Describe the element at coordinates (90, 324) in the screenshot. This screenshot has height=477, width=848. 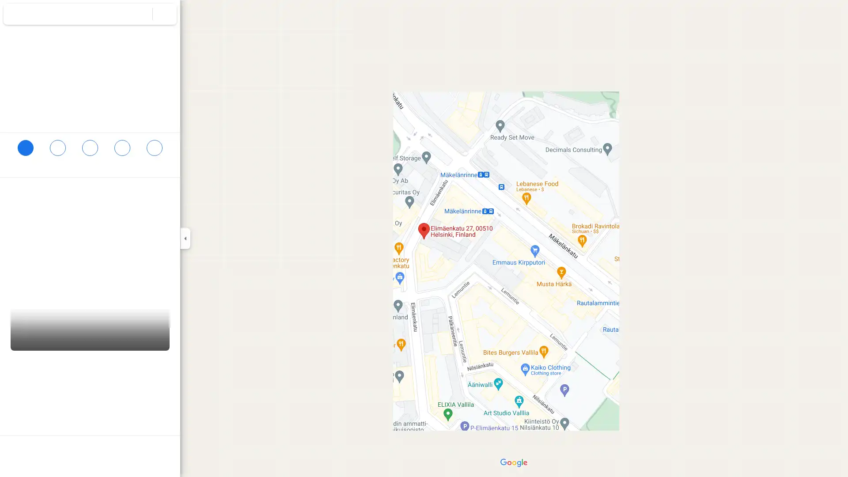
I see `Street View` at that location.